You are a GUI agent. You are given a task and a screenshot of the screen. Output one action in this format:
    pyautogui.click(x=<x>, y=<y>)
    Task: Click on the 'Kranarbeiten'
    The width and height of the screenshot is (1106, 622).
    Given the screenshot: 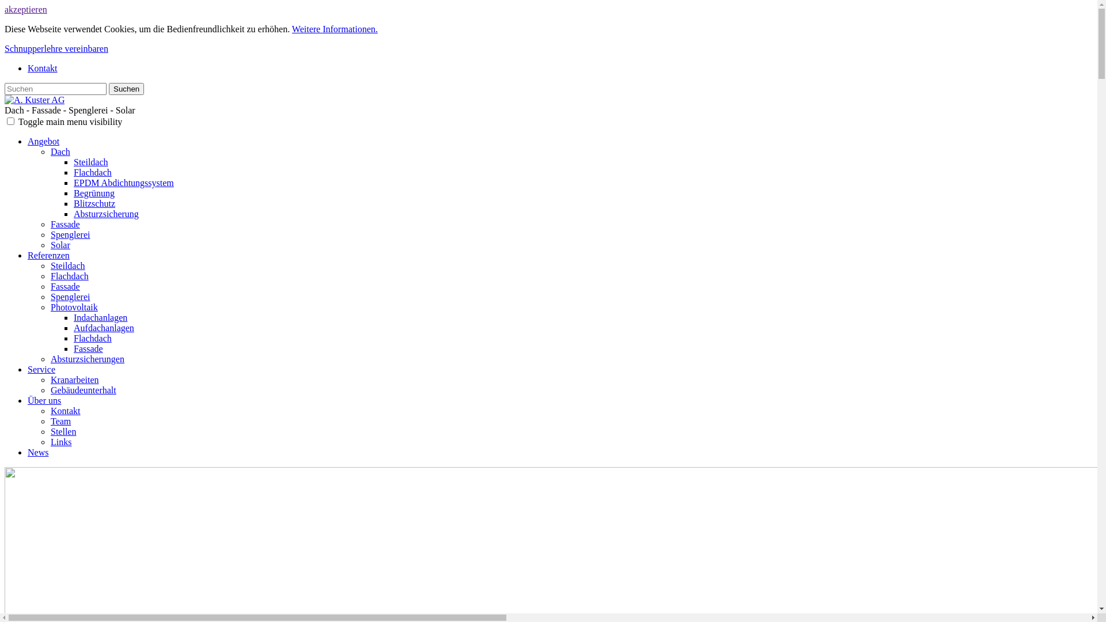 What is the action you would take?
    pyautogui.click(x=74, y=380)
    